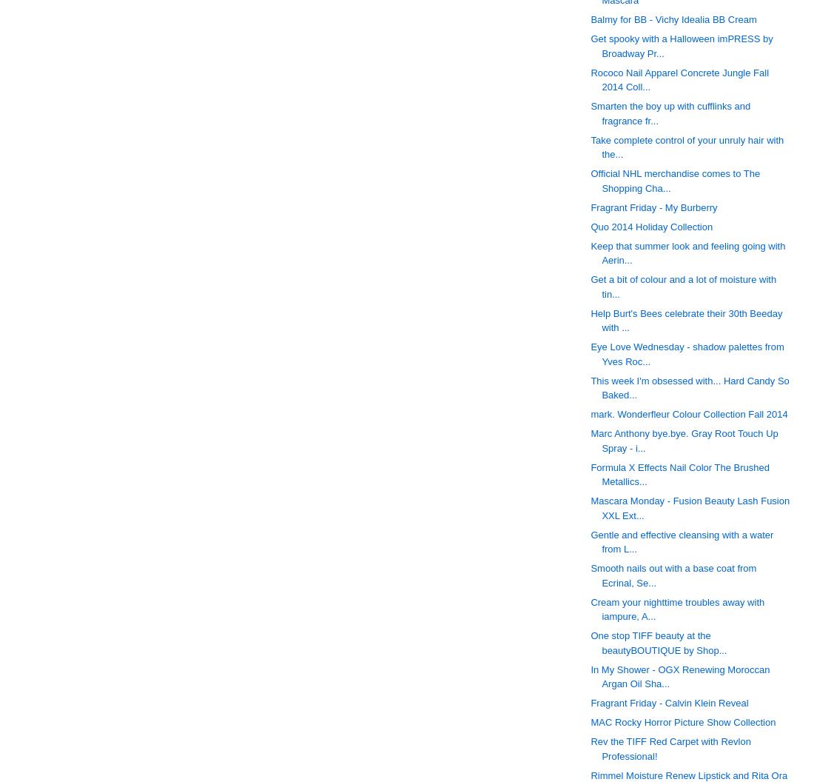 Image resolution: width=814 pixels, height=782 pixels. I want to click on 'Smooth nails out with a base coat from Ecrinal, Se...', so click(673, 575).